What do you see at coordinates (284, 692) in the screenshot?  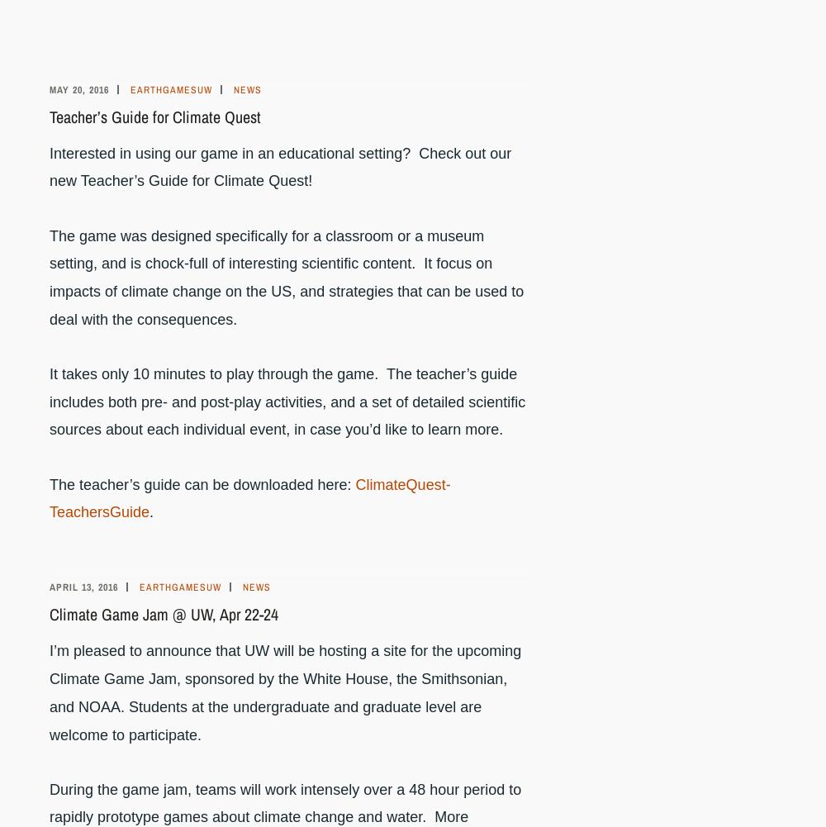 I see `'I’m pleased to announce that UW will be hosting a site for the upcoming Climate Game Jam, sponsored by the White House, the Smithsonian, and NOAA. Students at the undergraduate and graduate level are welcome to participate.'` at bounding box center [284, 692].